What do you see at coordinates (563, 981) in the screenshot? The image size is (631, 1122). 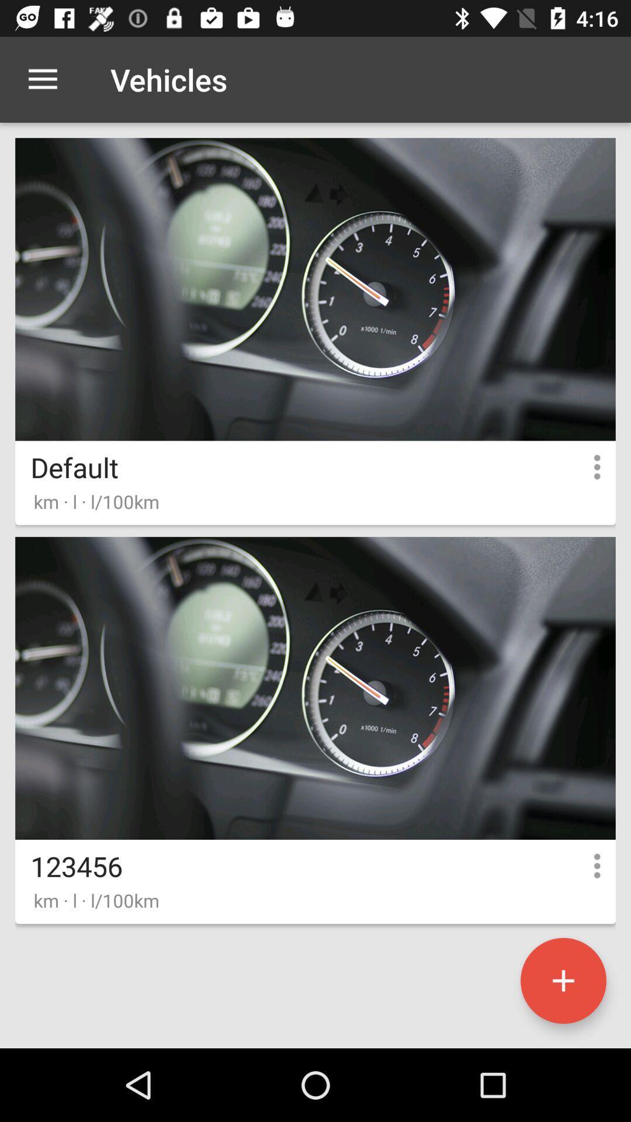 I see `the add icon` at bounding box center [563, 981].